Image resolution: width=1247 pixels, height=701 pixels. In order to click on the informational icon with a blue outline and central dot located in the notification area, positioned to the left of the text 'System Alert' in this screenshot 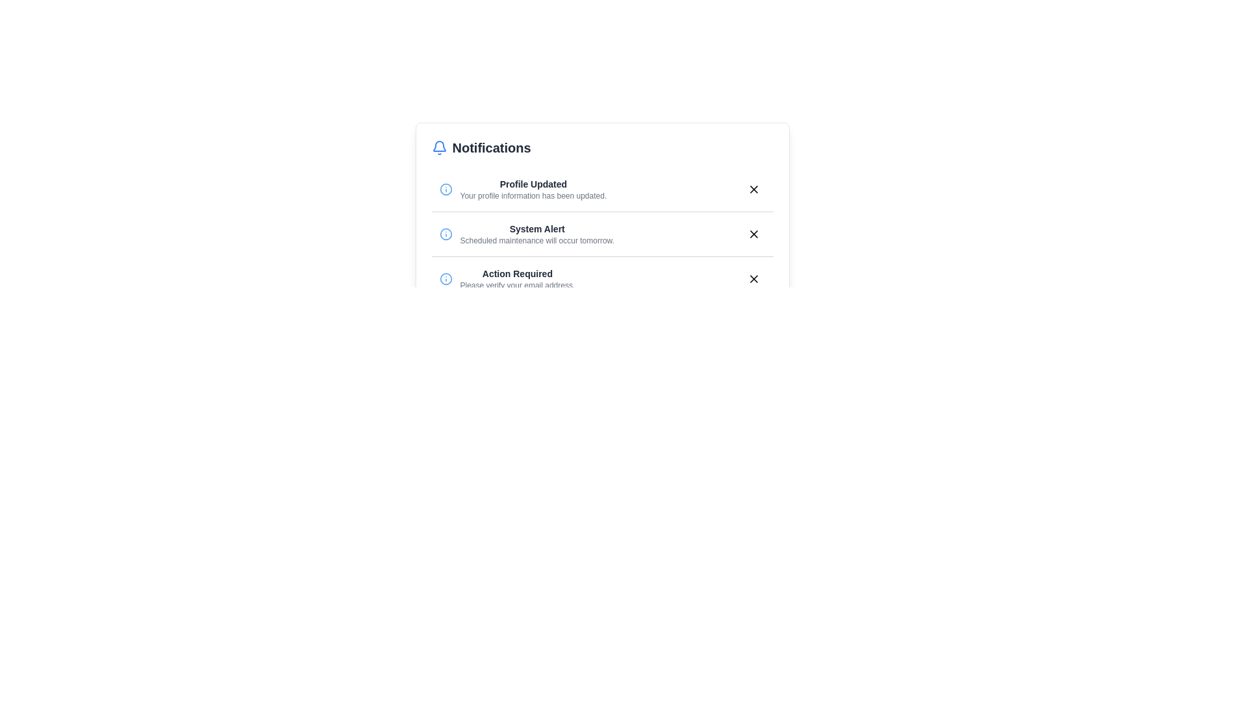, I will do `click(446, 234)`.